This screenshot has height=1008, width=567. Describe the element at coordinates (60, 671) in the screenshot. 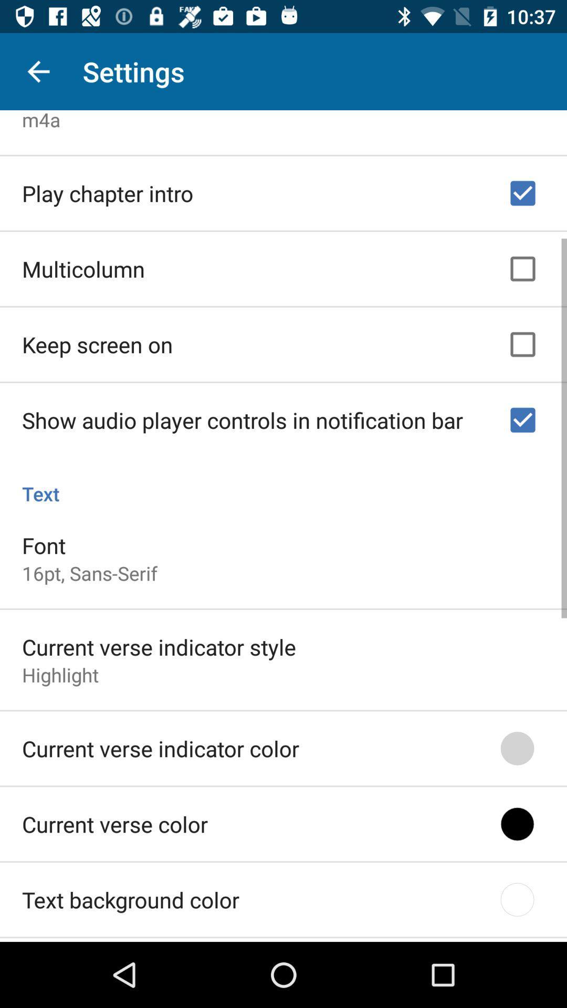

I see `the highlight icon` at that location.